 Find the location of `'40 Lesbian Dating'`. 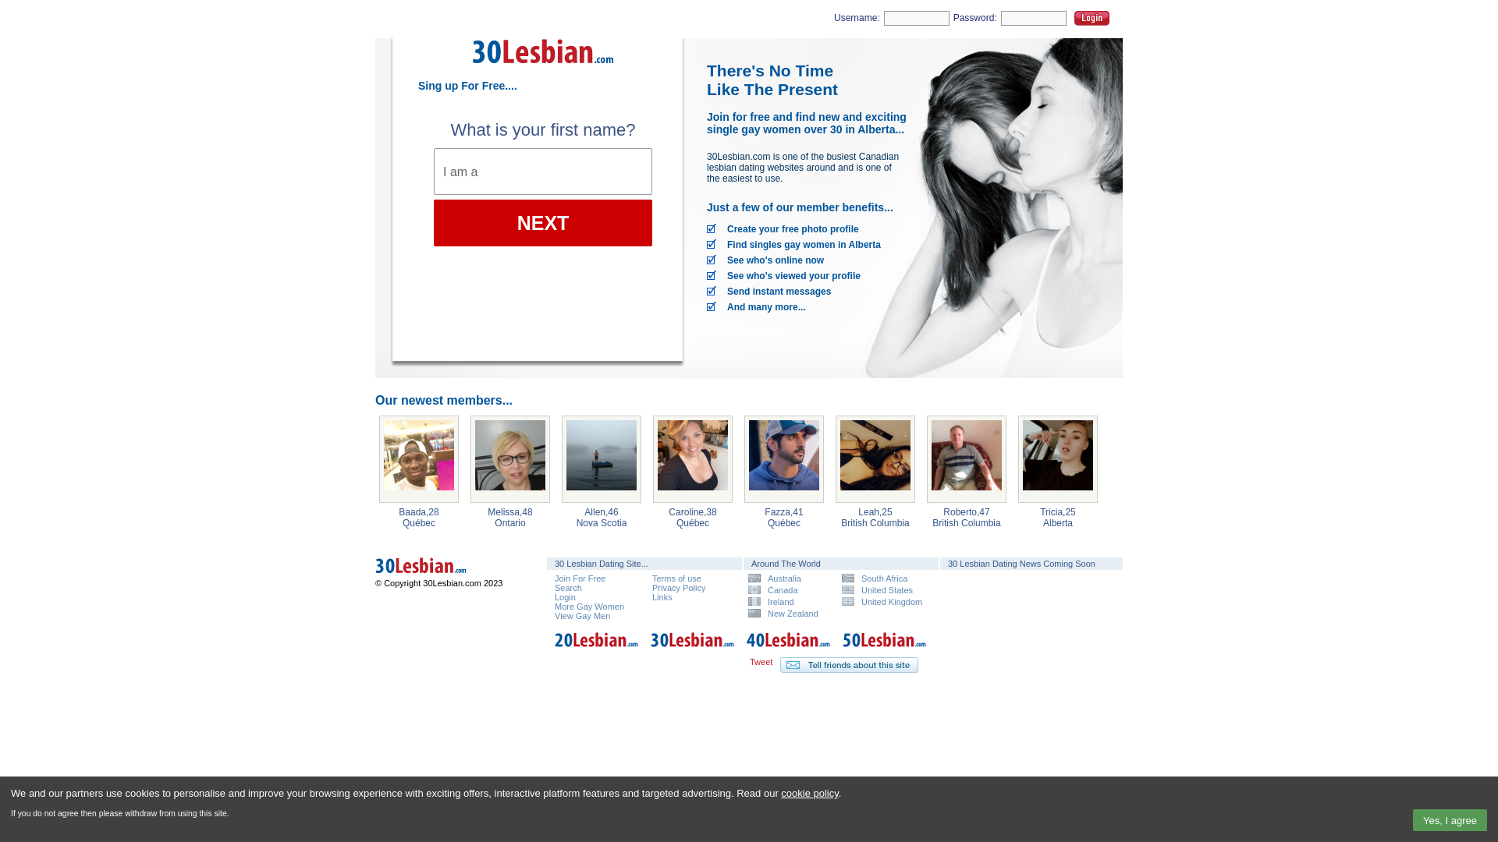

'40 Lesbian Dating' is located at coordinates (789, 649).